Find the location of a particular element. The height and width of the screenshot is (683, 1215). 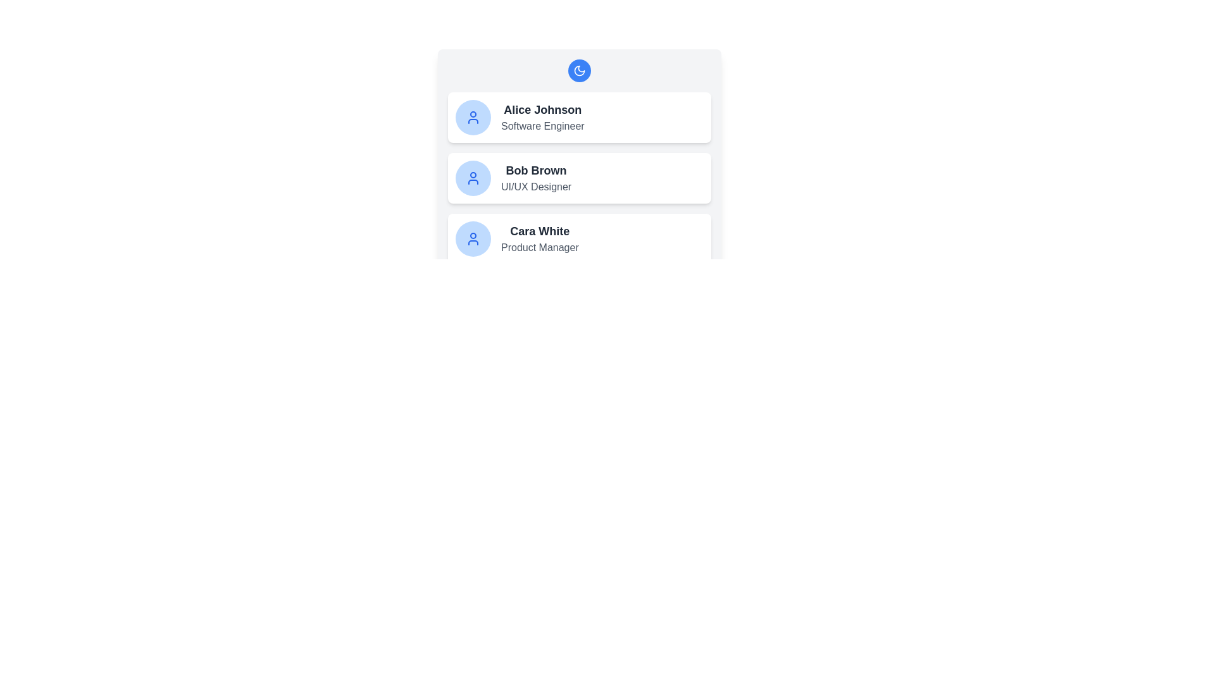

the blue circular user icon located at the left side of the card above the text 'Alice Johnson' and 'Software Engineer' is located at coordinates (473, 117).